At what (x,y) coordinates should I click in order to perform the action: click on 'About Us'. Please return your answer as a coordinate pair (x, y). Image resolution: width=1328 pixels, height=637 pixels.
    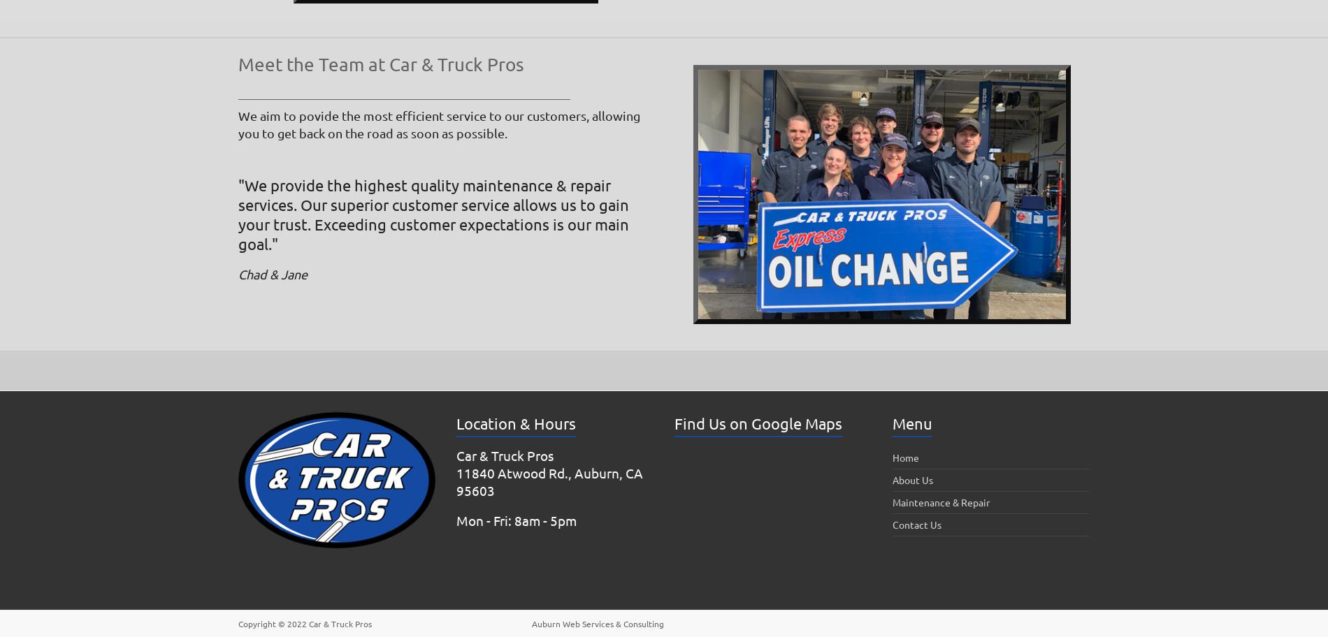
    Looking at the image, I should click on (912, 480).